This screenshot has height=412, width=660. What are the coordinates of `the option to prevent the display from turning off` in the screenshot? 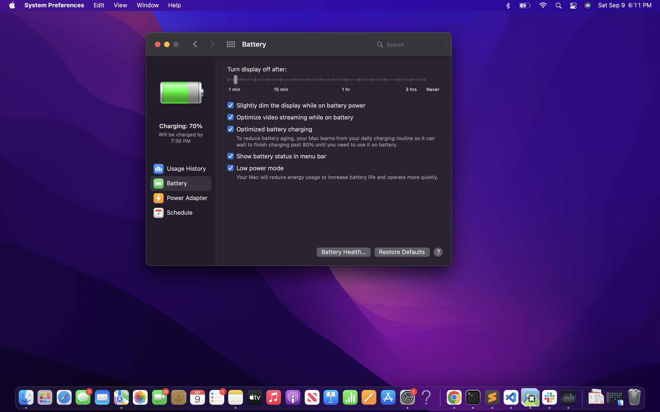 It's located at (425, 78).